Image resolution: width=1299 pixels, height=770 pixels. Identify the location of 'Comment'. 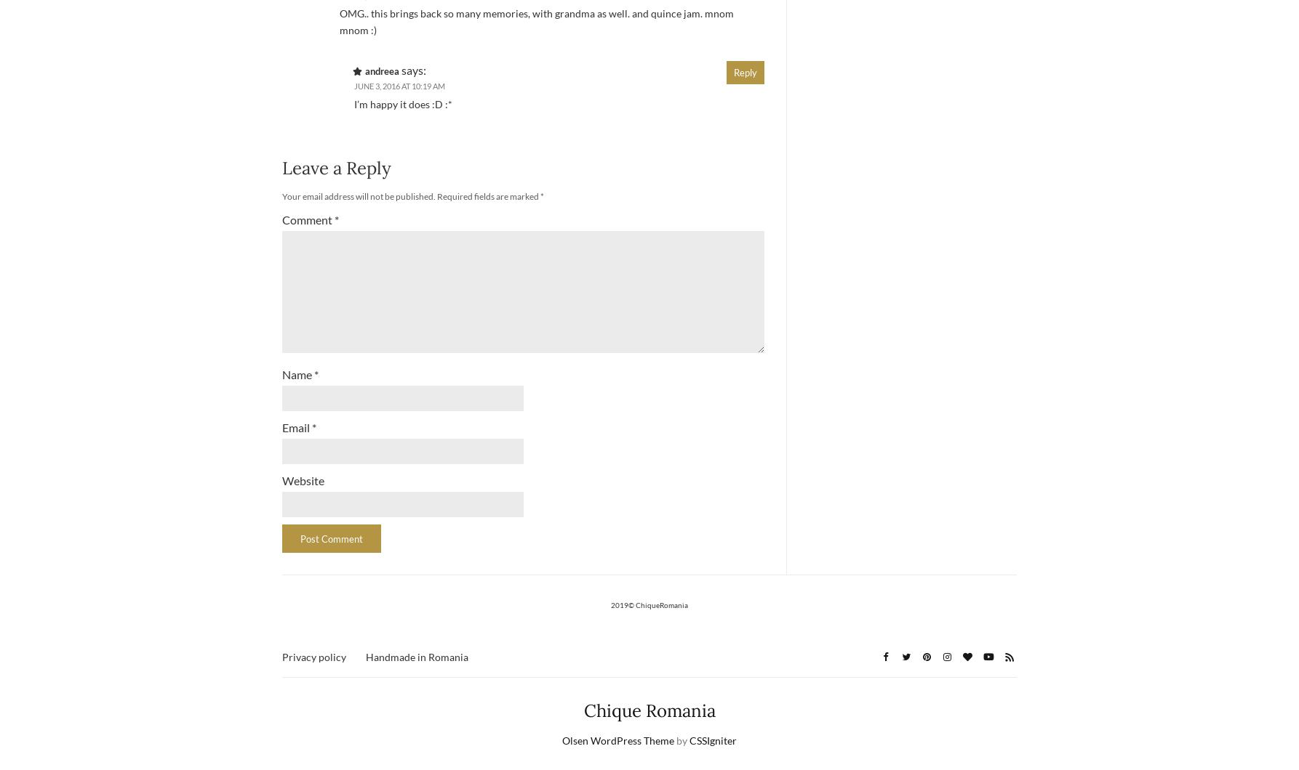
(308, 219).